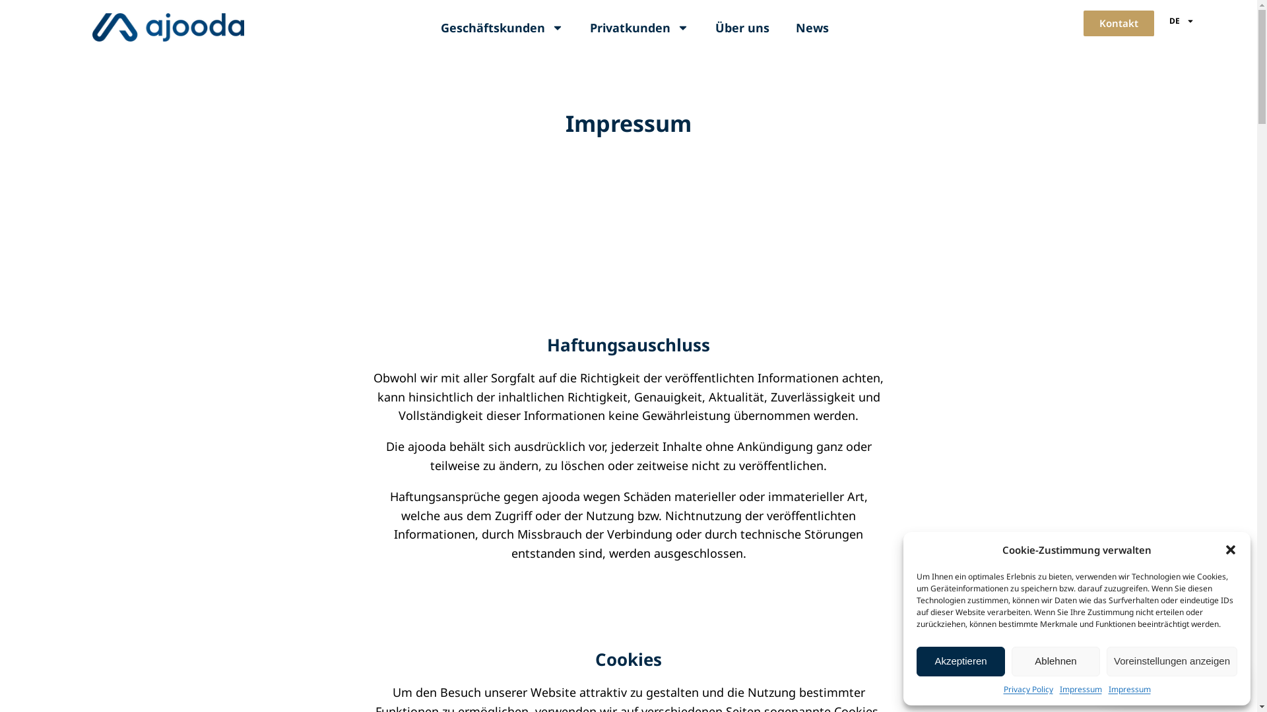 Image resolution: width=1267 pixels, height=712 pixels. What do you see at coordinates (782, 28) in the screenshot?
I see `'News'` at bounding box center [782, 28].